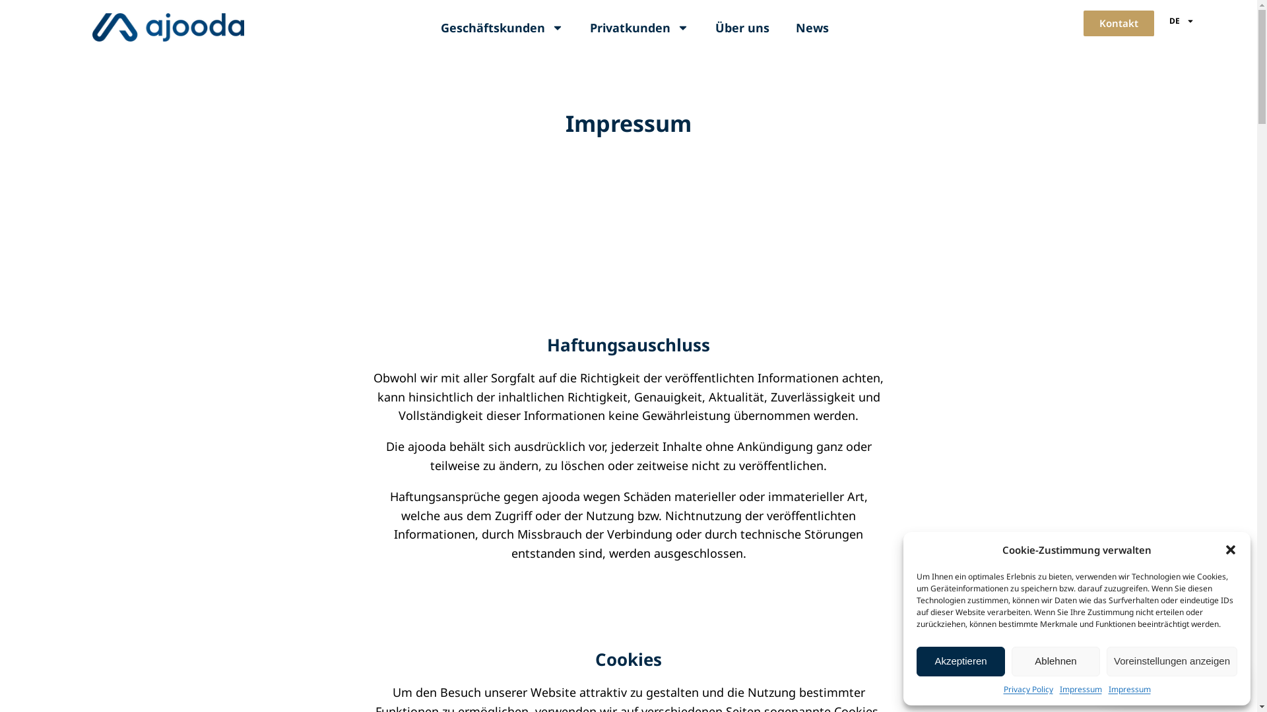 Image resolution: width=1267 pixels, height=712 pixels. What do you see at coordinates (782, 28) in the screenshot?
I see `'News'` at bounding box center [782, 28].